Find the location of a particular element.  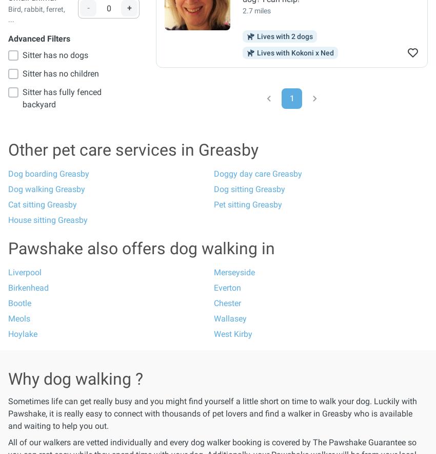

'Bird, rabbit, ferret, ...' is located at coordinates (36, 14).